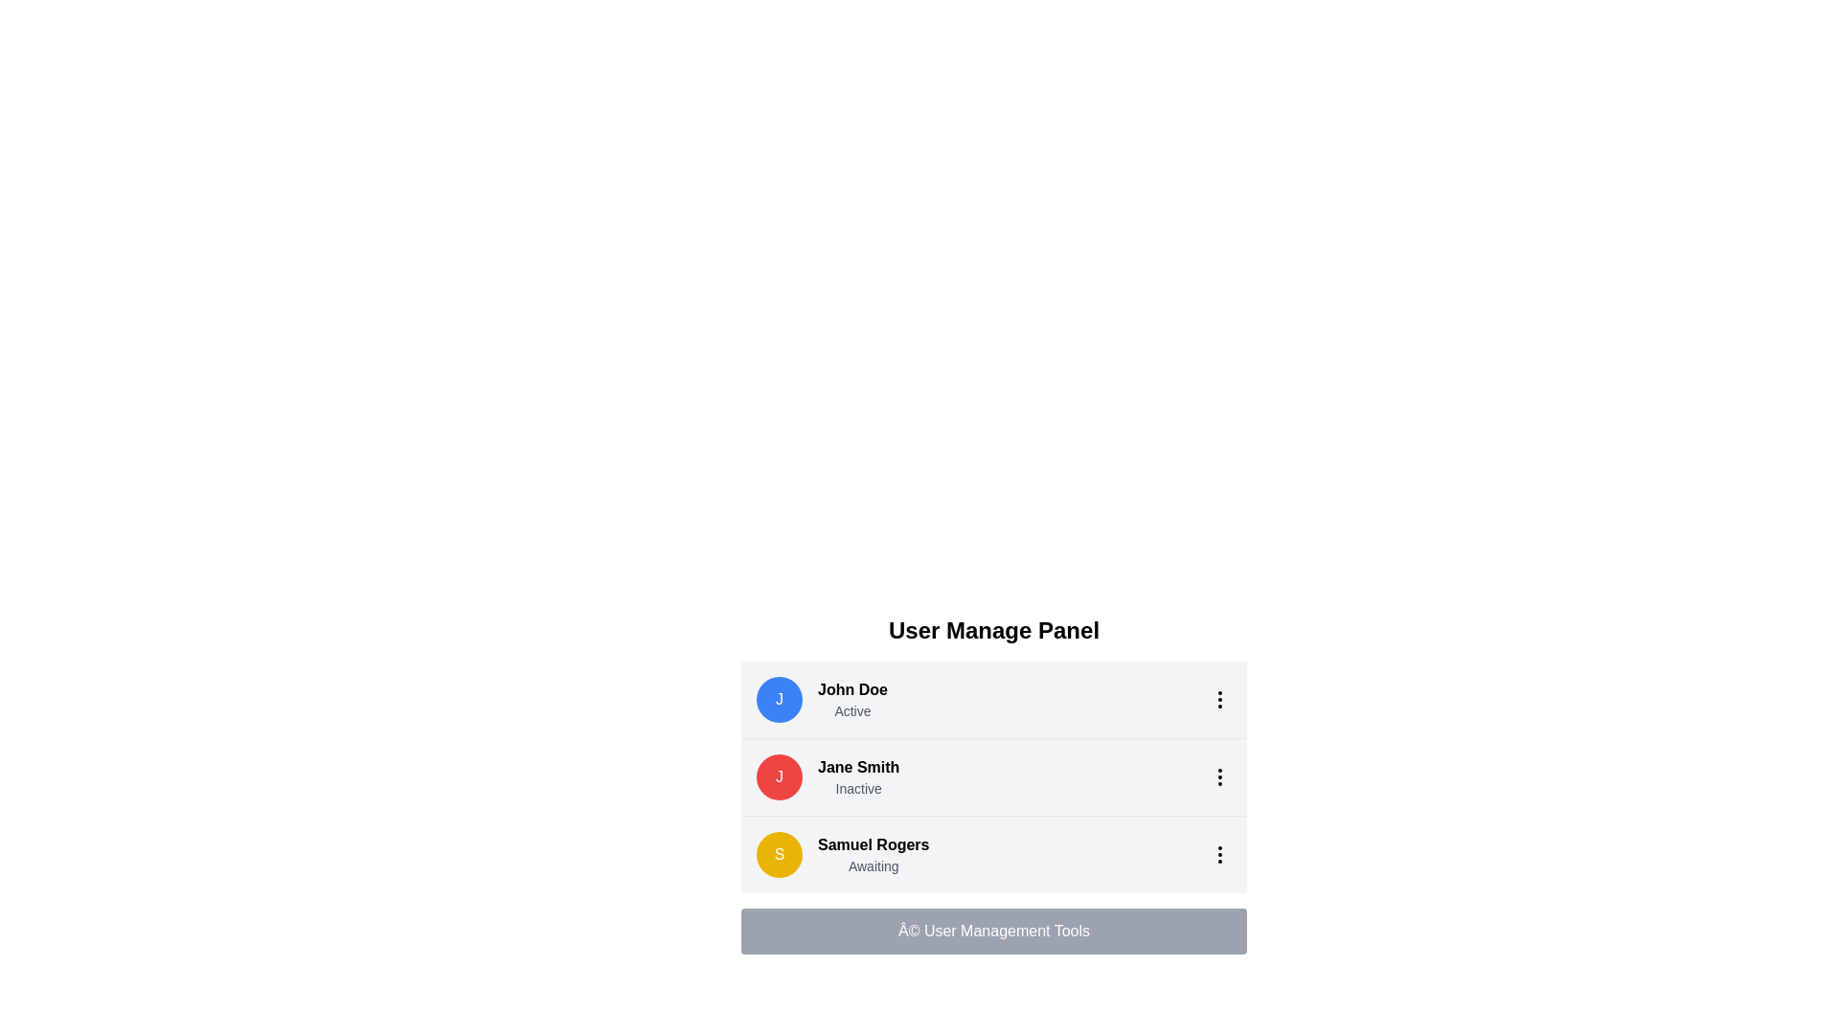  Describe the element at coordinates (780, 777) in the screenshot. I see `the circular avatar with a red background and white 'J' text, representing 'Jane Smith' in the user list` at that location.